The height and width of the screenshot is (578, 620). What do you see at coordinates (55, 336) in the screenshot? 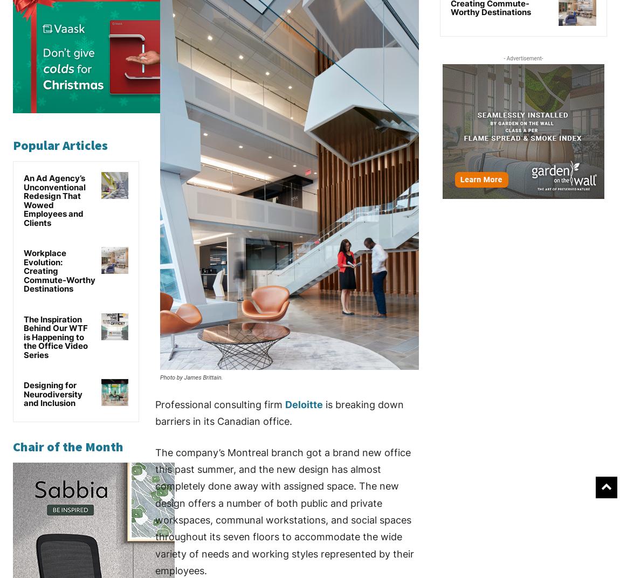
I see `'The Inspiration Behind Our WTF is Happening to the Office Video Series'` at bounding box center [55, 336].